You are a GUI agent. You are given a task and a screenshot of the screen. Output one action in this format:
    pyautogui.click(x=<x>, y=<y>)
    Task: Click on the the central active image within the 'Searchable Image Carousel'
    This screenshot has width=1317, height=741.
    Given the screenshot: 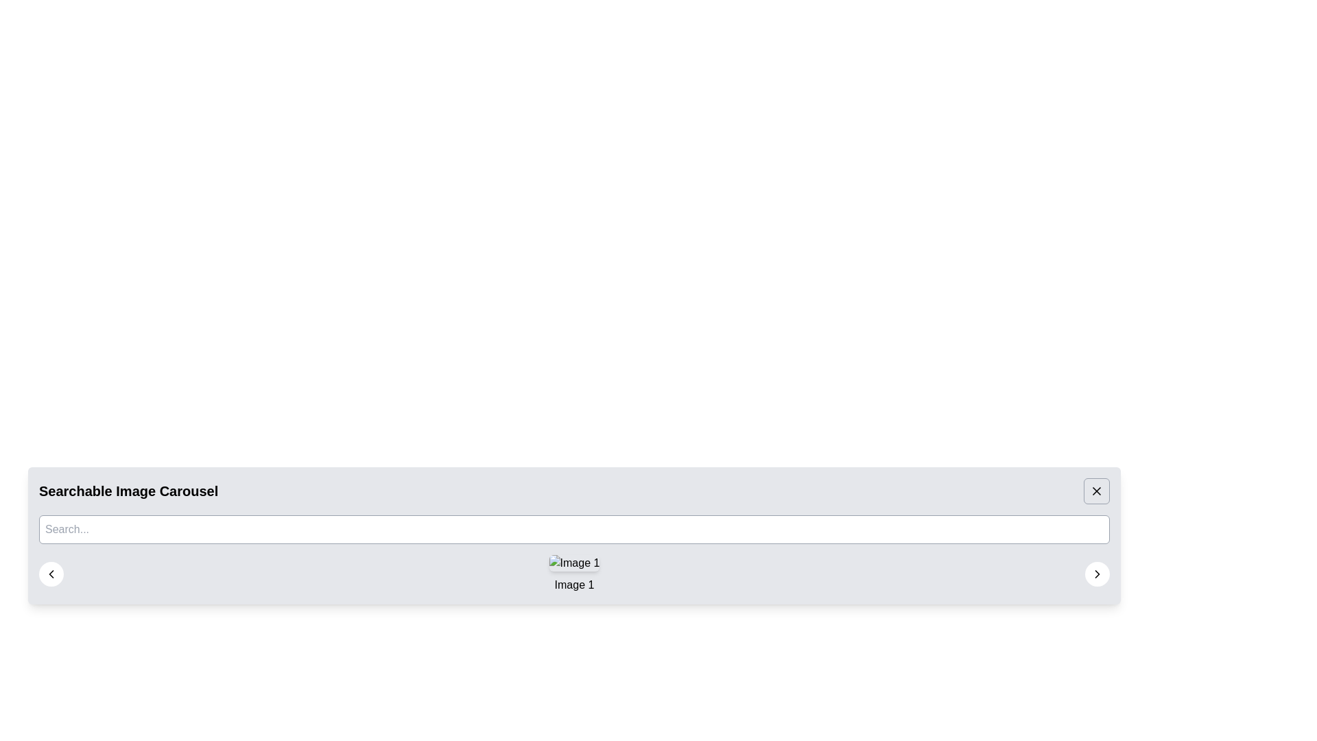 What is the action you would take?
    pyautogui.click(x=574, y=574)
    